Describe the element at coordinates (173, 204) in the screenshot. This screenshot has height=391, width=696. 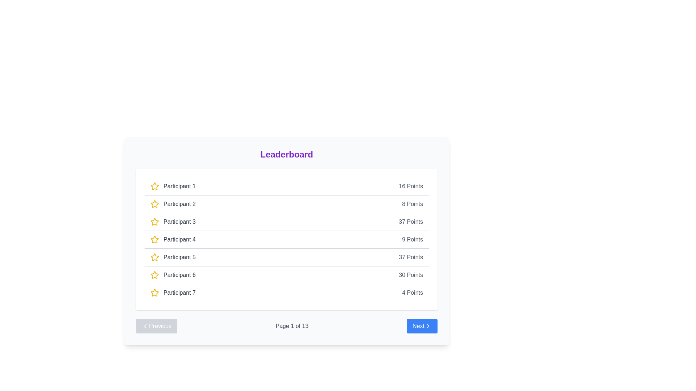
I see `text displayed in the Text Label that shows 'Participant 2', which is part of the leaderboard interface and positioned below 'Participant 1'` at that location.